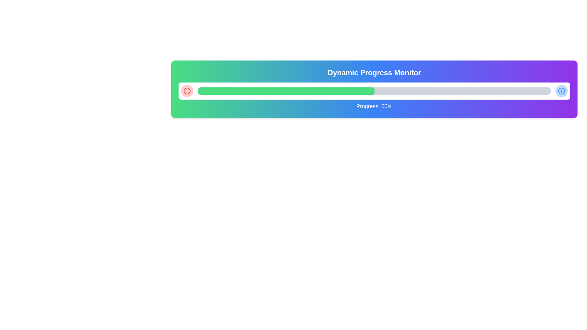  I want to click on properties of the circular red button with a minus icon located to the far left of the progress bar, so click(186, 91).